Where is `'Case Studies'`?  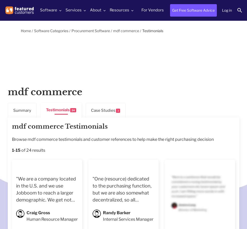 'Case Studies' is located at coordinates (90, 110).